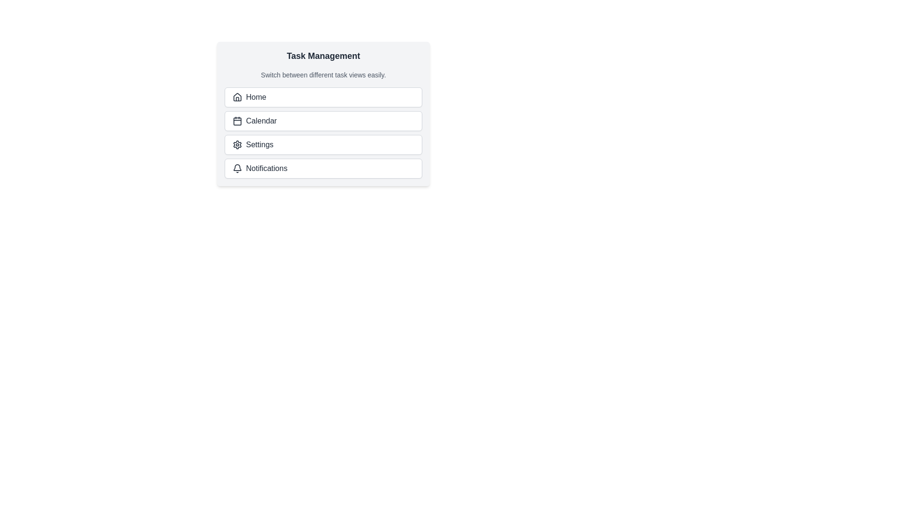  What do you see at coordinates (323, 120) in the screenshot?
I see `the navigational button located between the 'Home' button and 'Settings' button` at bounding box center [323, 120].